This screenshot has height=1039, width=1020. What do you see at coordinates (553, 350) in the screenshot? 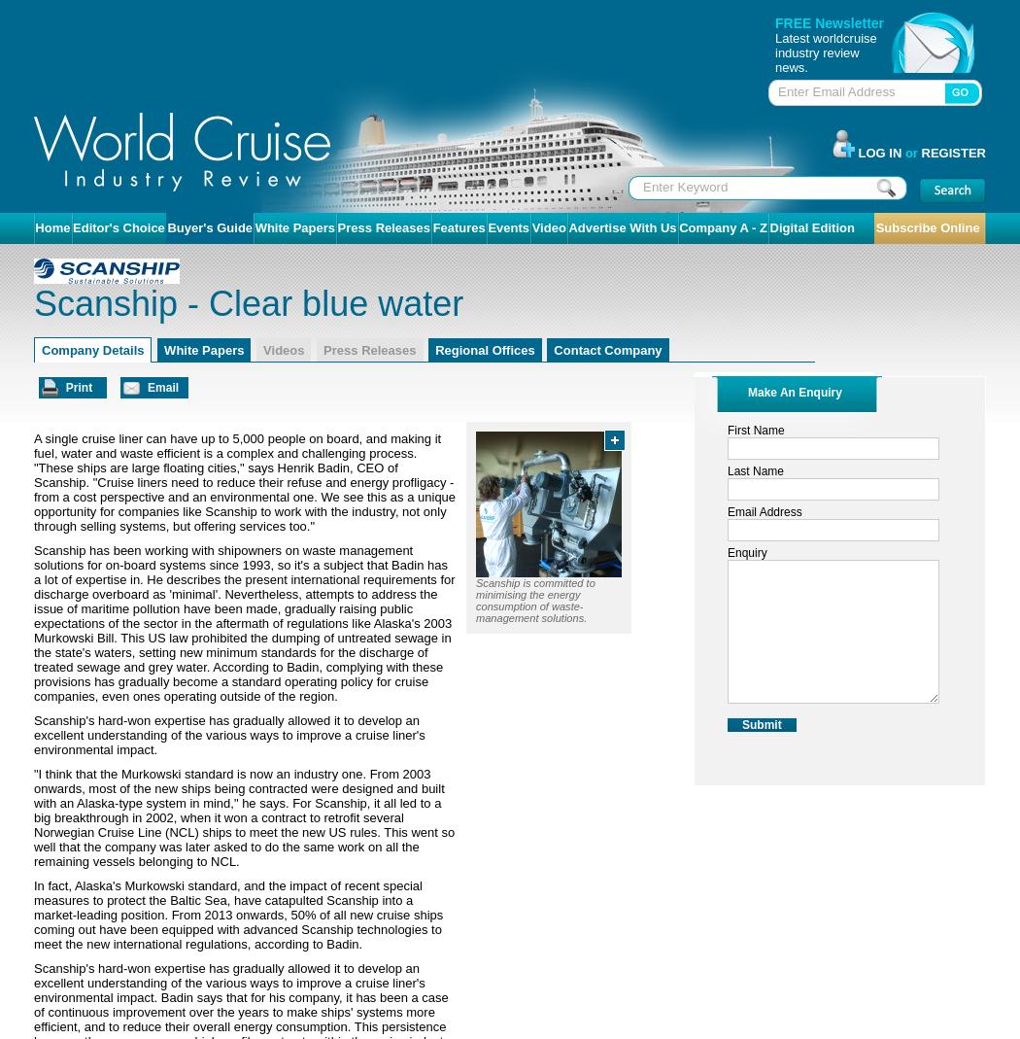
I see `'Contact Company'` at bounding box center [553, 350].